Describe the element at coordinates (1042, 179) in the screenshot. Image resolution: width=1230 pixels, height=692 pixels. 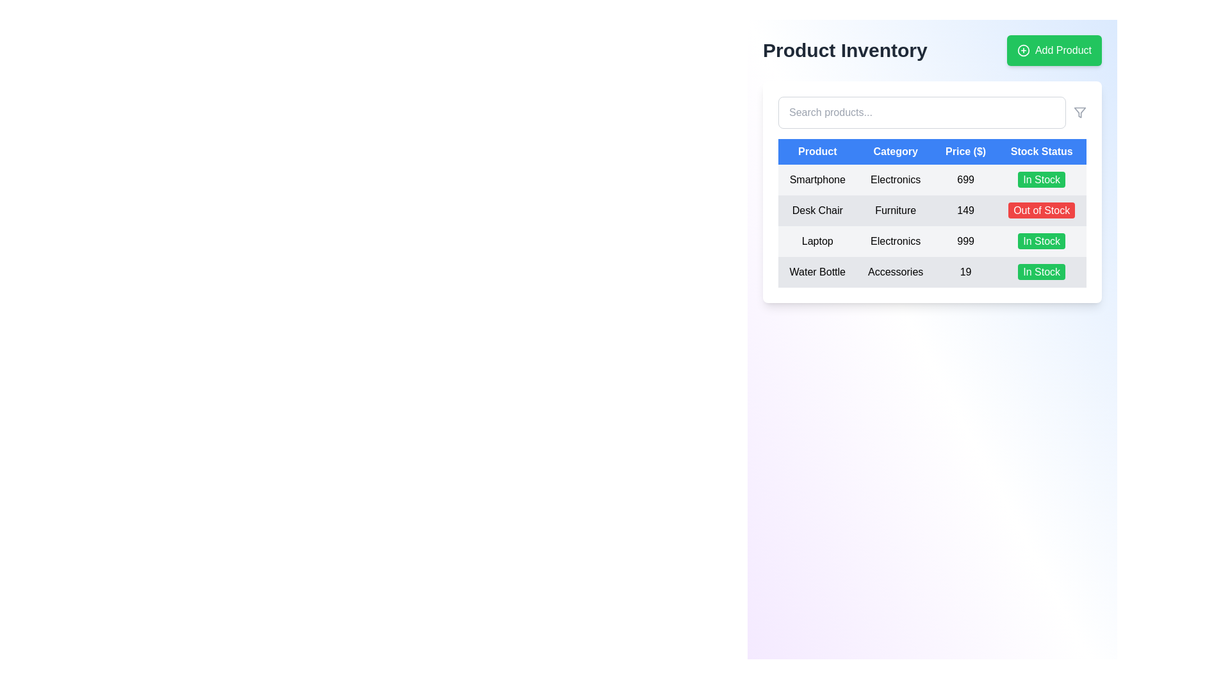
I see `the status badge in the 'Stock Status' column indicating the availability of the 'Smartphone' product` at that location.